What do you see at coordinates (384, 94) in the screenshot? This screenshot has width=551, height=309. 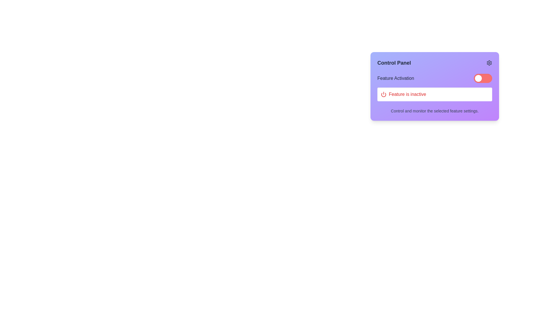 I see `the icon indicating the 'Feature is inactive' status, which is positioned at the start of the associated label within the message box` at bounding box center [384, 94].